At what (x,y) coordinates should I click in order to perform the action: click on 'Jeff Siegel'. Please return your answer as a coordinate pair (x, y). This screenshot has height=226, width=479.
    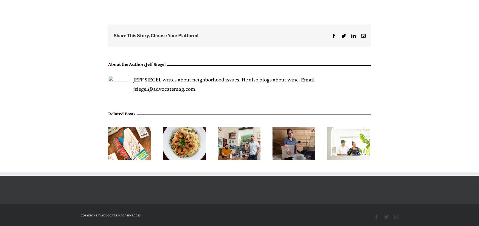
    Looking at the image, I should click on (145, 64).